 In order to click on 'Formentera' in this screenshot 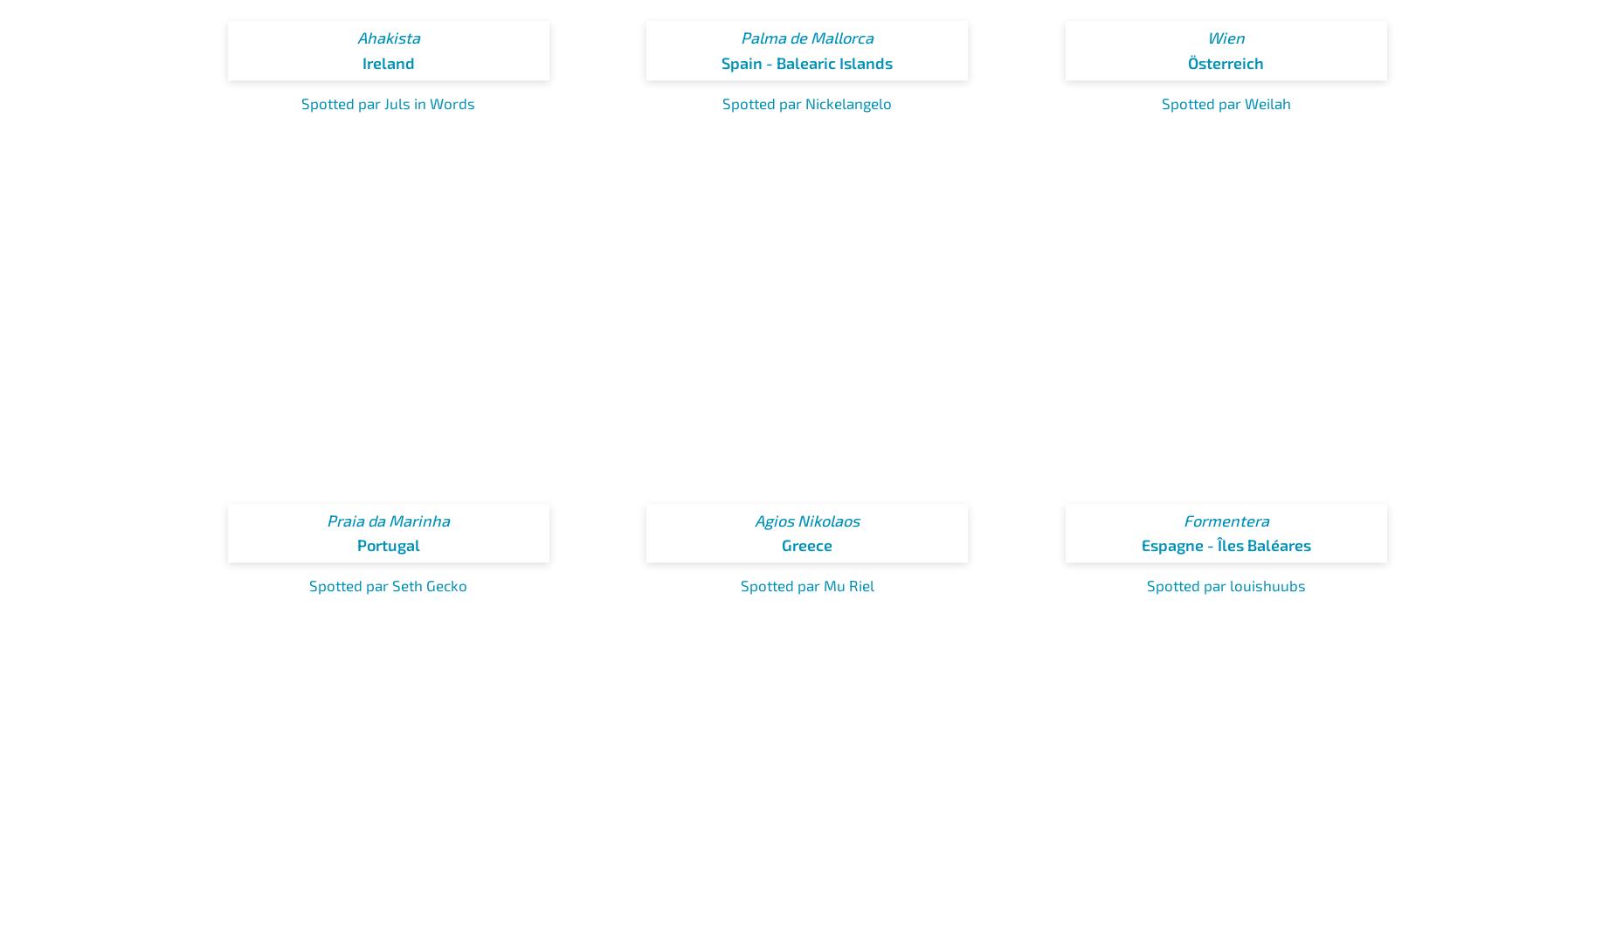, I will do `click(1226, 519)`.